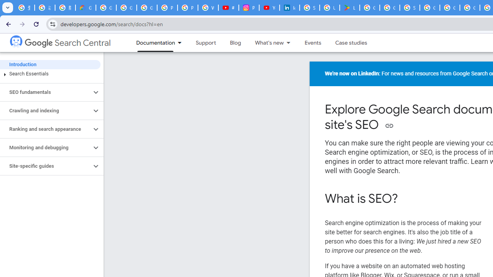  Describe the element at coordinates (45, 92) in the screenshot. I see `'SEO fundamentals'` at that location.